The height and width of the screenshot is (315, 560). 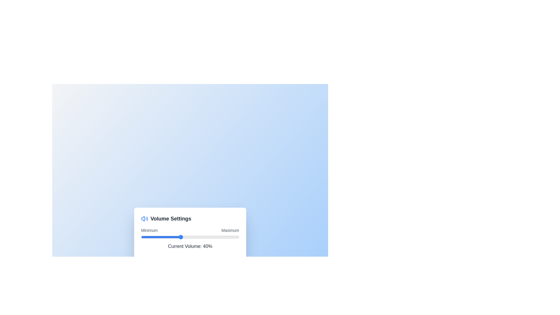 I want to click on the volume slider to 78%, so click(x=217, y=237).